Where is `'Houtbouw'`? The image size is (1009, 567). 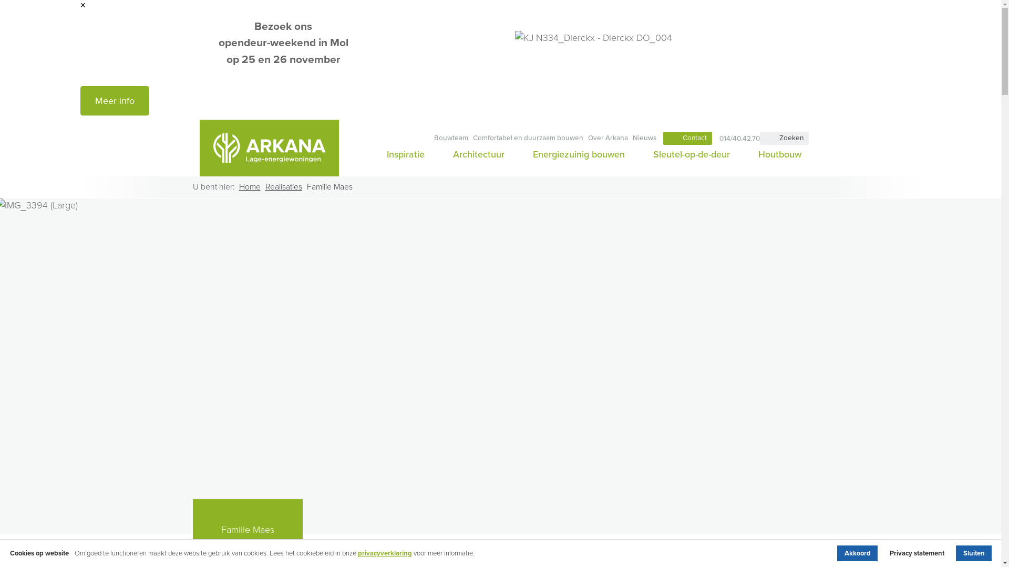 'Houtbouw' is located at coordinates (777, 154).